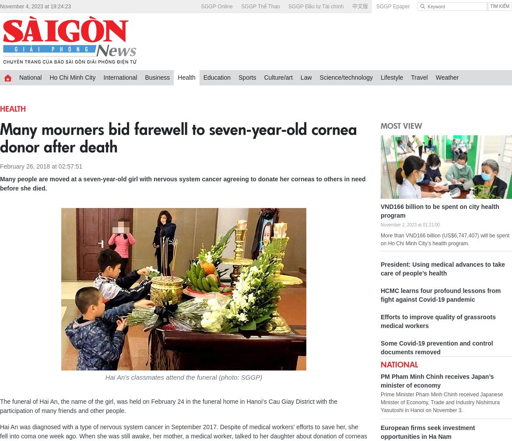 This screenshot has height=441, width=512. What do you see at coordinates (309, 166) in the screenshot?
I see `'Vietnamese novel published in RoK links two culures'` at bounding box center [309, 166].